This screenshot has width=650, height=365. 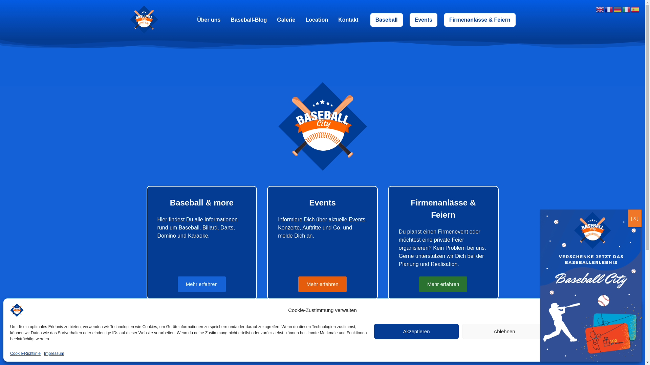 I want to click on 'German', so click(x=617, y=9).